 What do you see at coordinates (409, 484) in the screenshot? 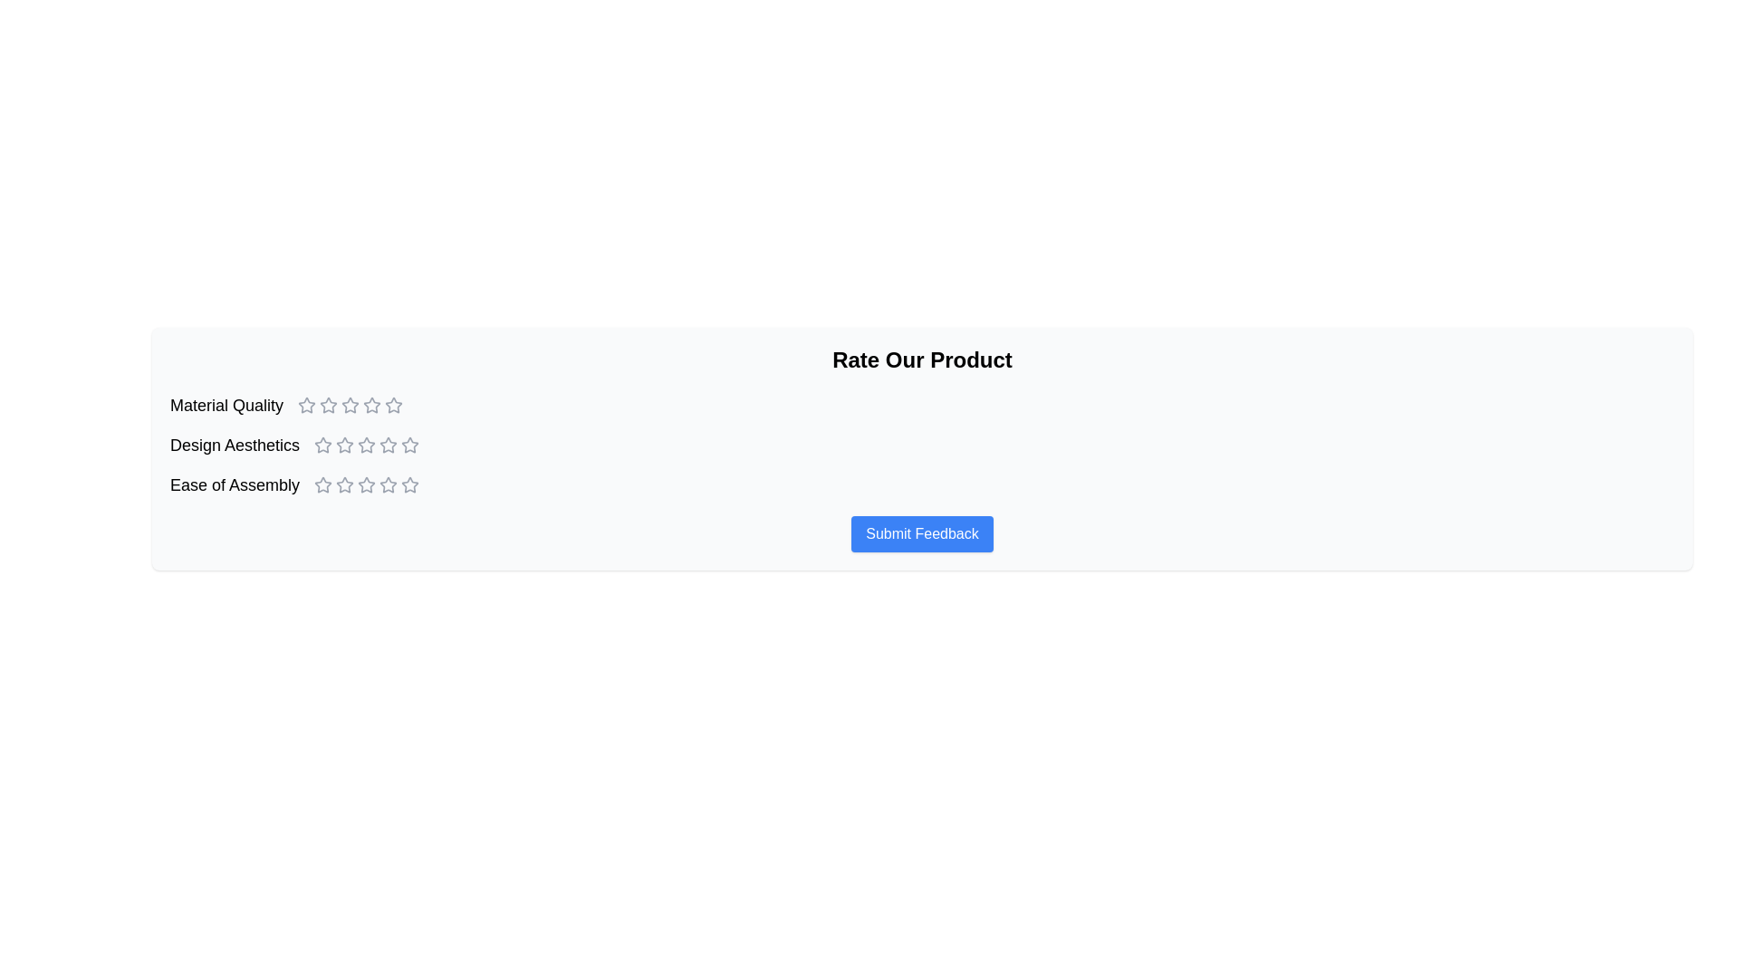
I see `the fifth star-shaped icon in the rating component for 'Ease of Assembly' to rate it` at bounding box center [409, 484].